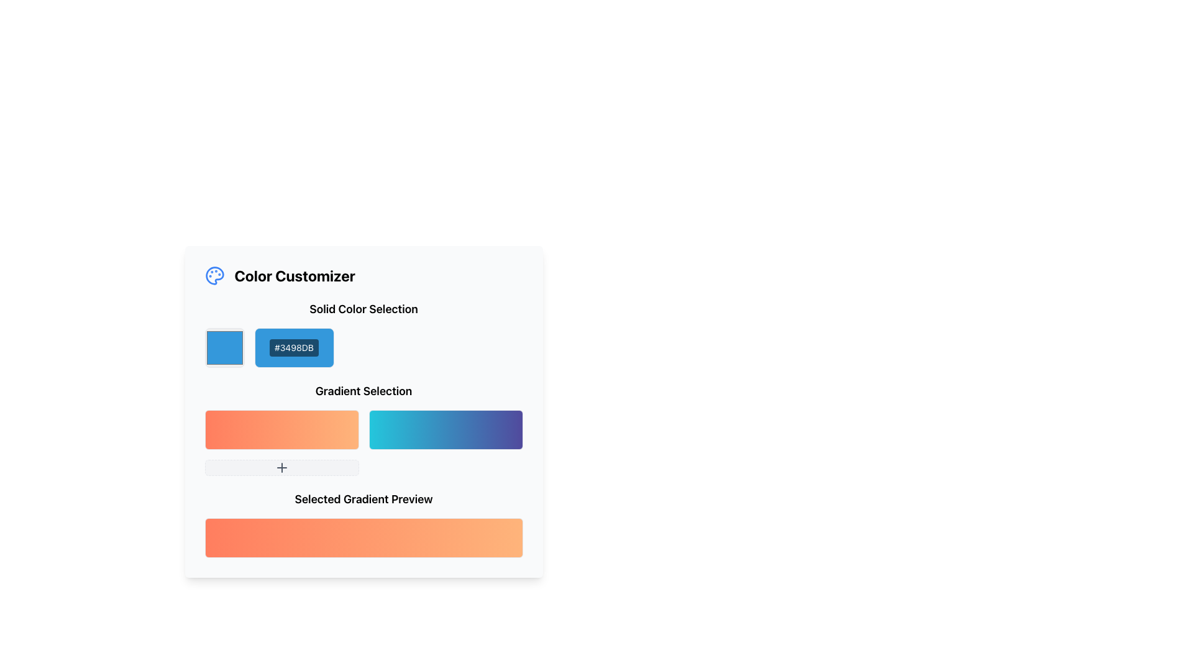 The width and height of the screenshot is (1193, 671). What do you see at coordinates (224, 347) in the screenshot?
I see `the light blue square-shaped color picker box with a white border` at bounding box center [224, 347].